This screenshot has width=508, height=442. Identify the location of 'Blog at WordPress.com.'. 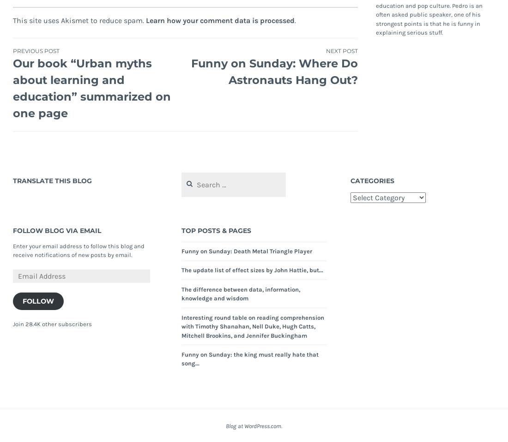
(254, 426).